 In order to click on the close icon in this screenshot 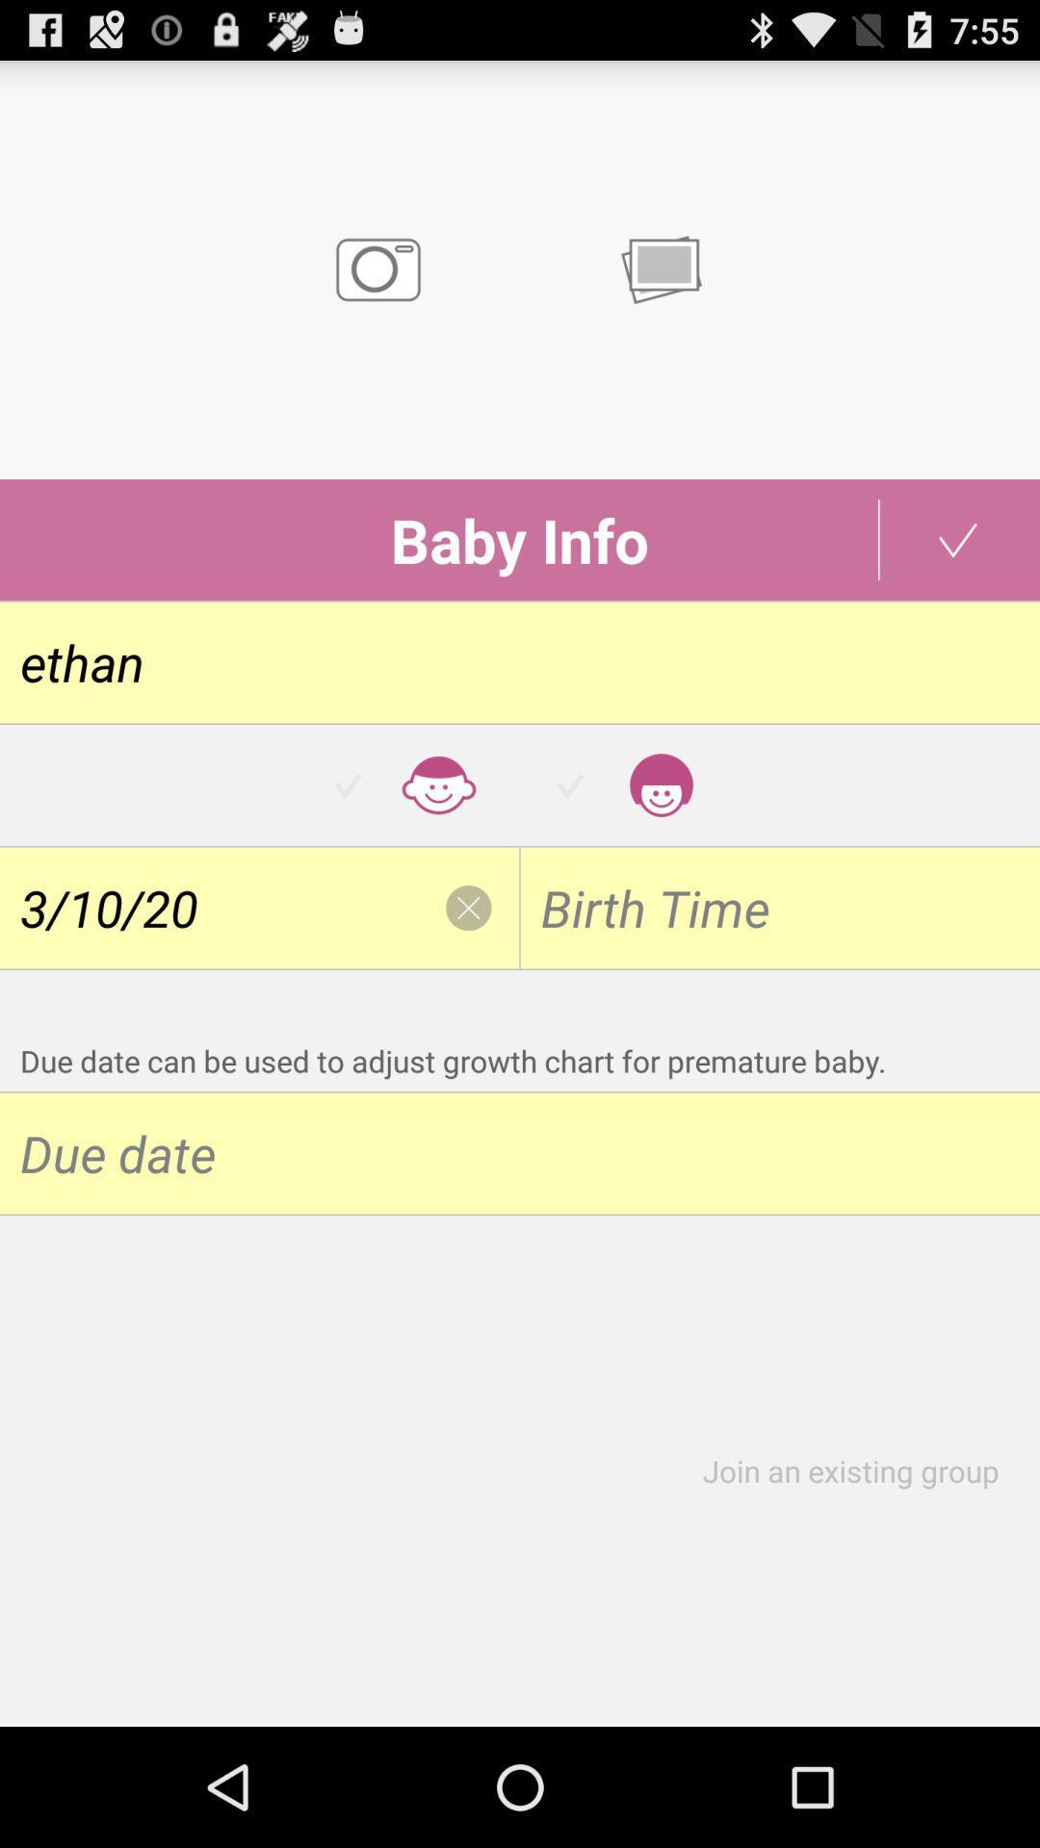, I will do `click(468, 971)`.